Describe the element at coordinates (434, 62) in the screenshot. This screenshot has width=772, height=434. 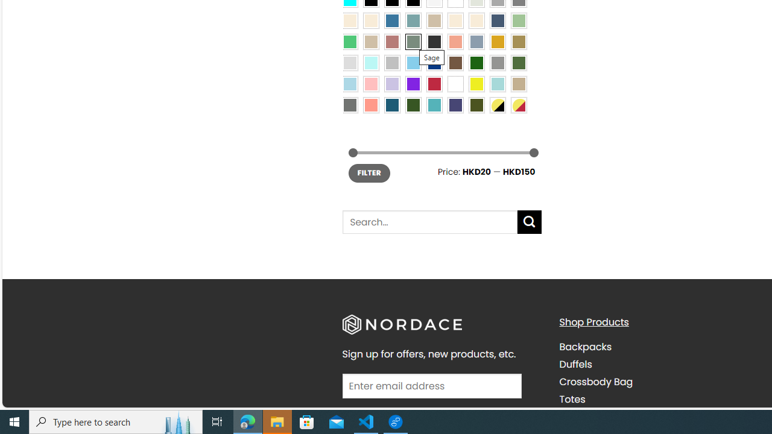
I see `'Navy Blue'` at that location.